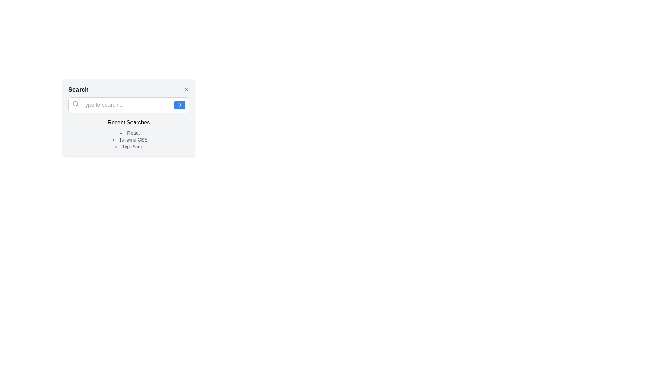  Describe the element at coordinates (180, 105) in the screenshot. I see `the blue rectangular button with rounded corners that features a right-pointing arrow icon, located to the right of the search input field` at that location.